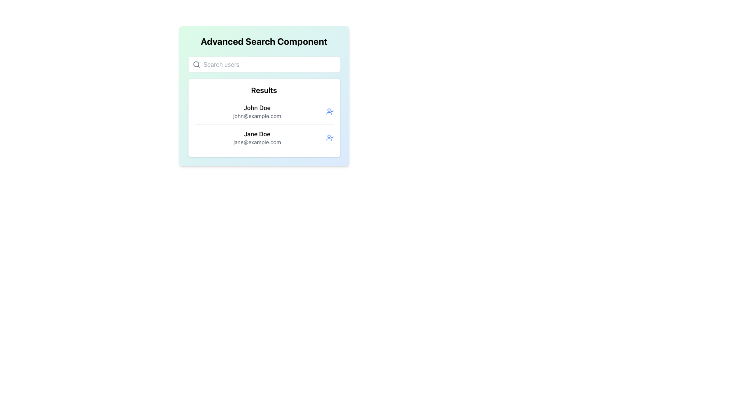  Describe the element at coordinates (196, 64) in the screenshot. I see `the search icon element located within the search bar to trigger its functionality` at that location.